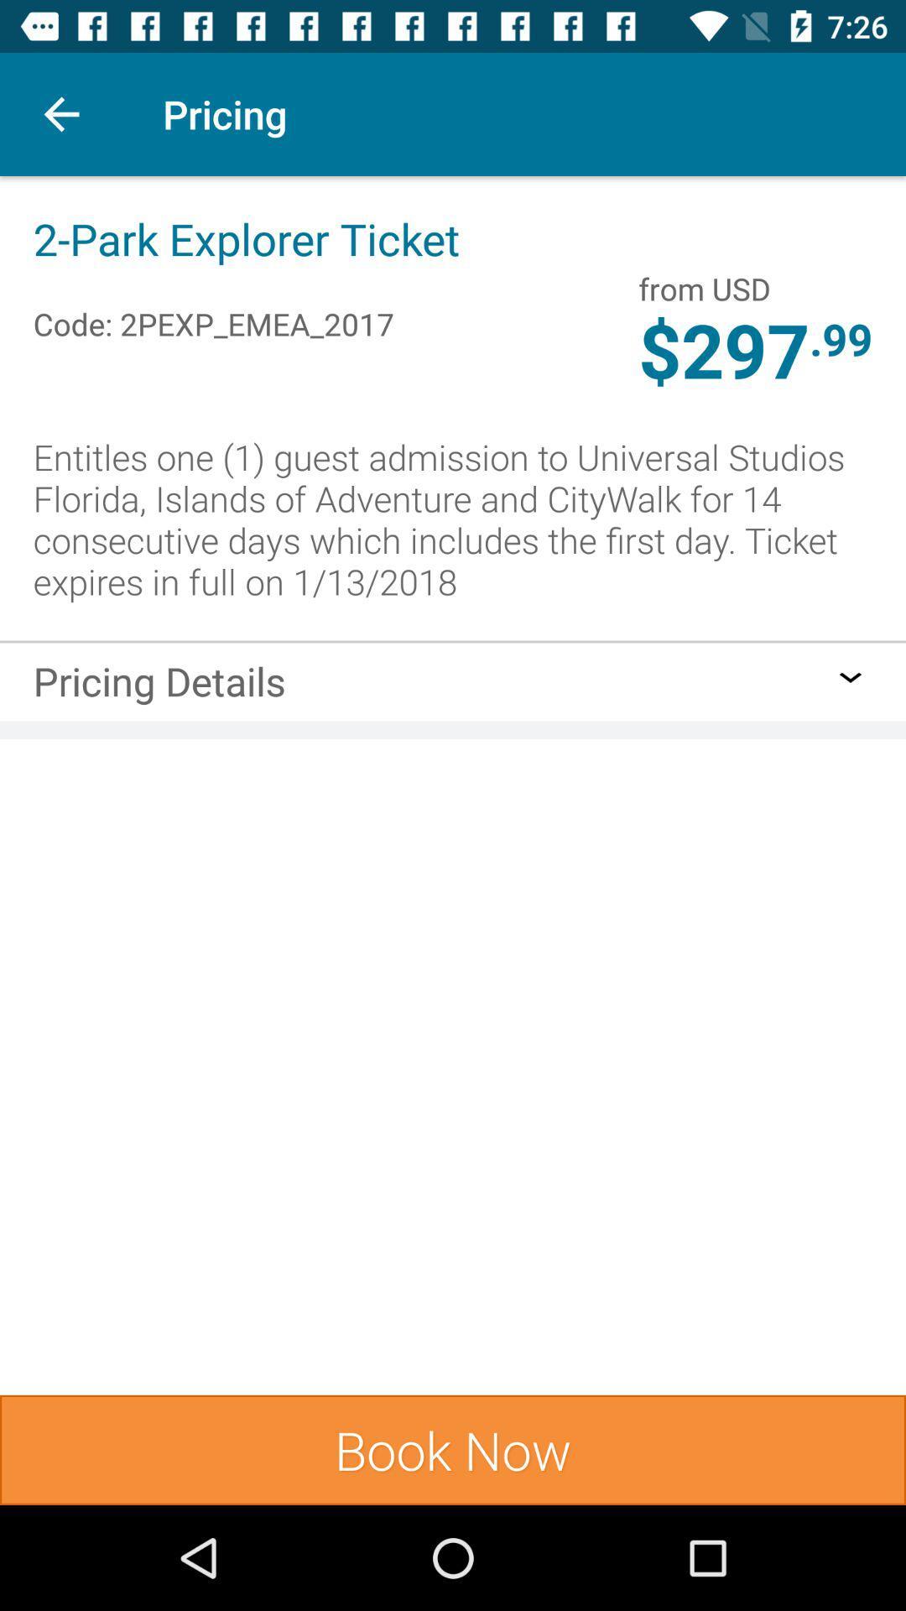 The width and height of the screenshot is (906, 1611). I want to click on icon above 2 park explorer, so click(60, 113).